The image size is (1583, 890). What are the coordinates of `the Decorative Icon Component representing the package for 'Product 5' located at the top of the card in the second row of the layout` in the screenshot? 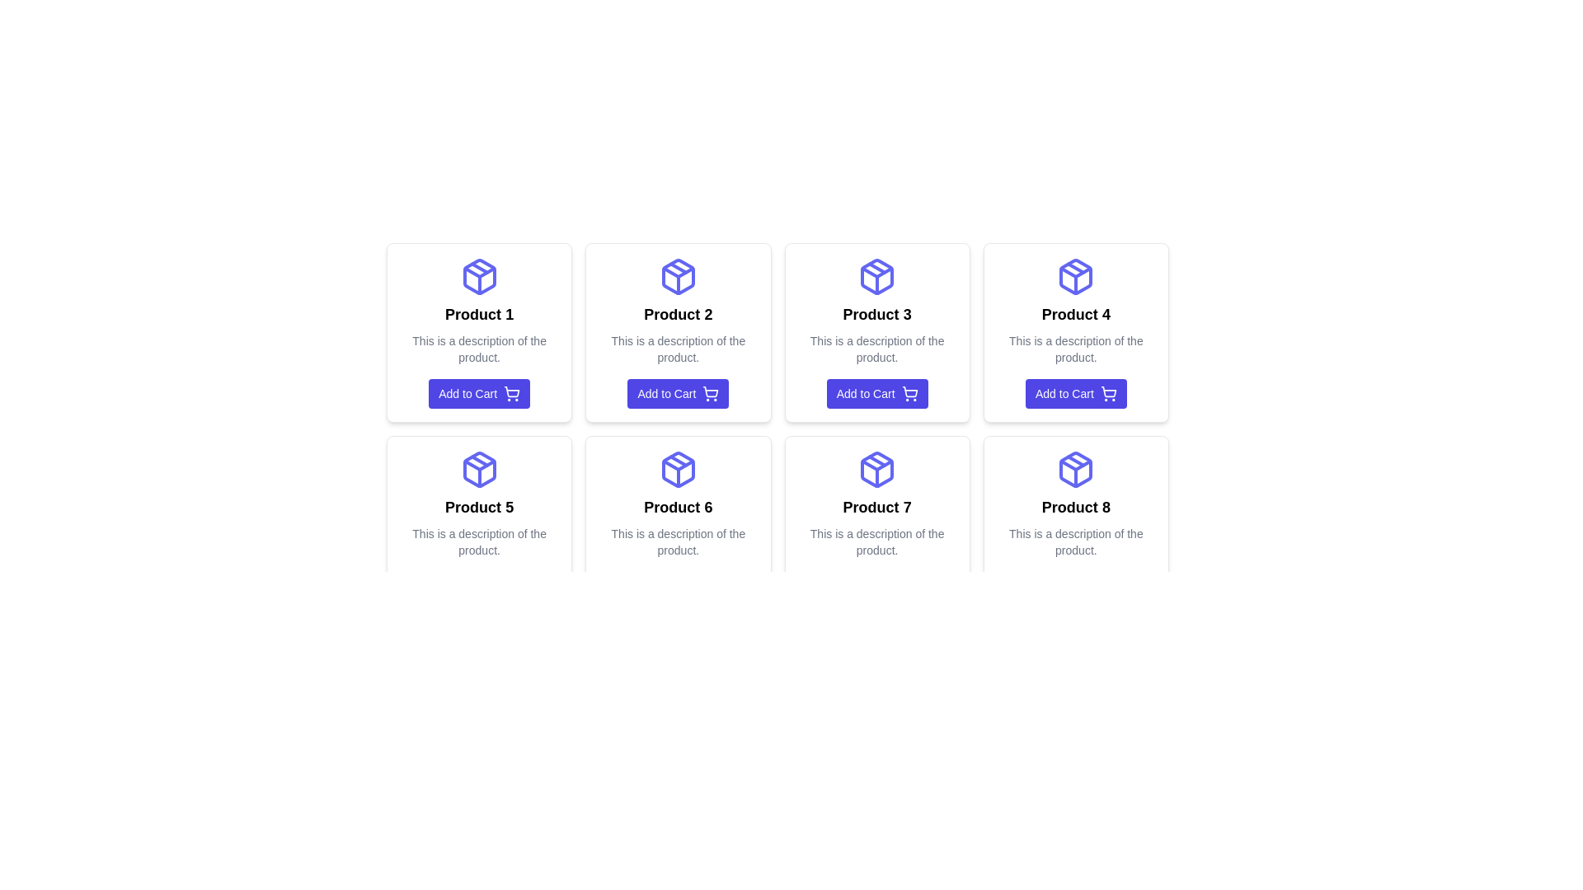 It's located at (478, 470).